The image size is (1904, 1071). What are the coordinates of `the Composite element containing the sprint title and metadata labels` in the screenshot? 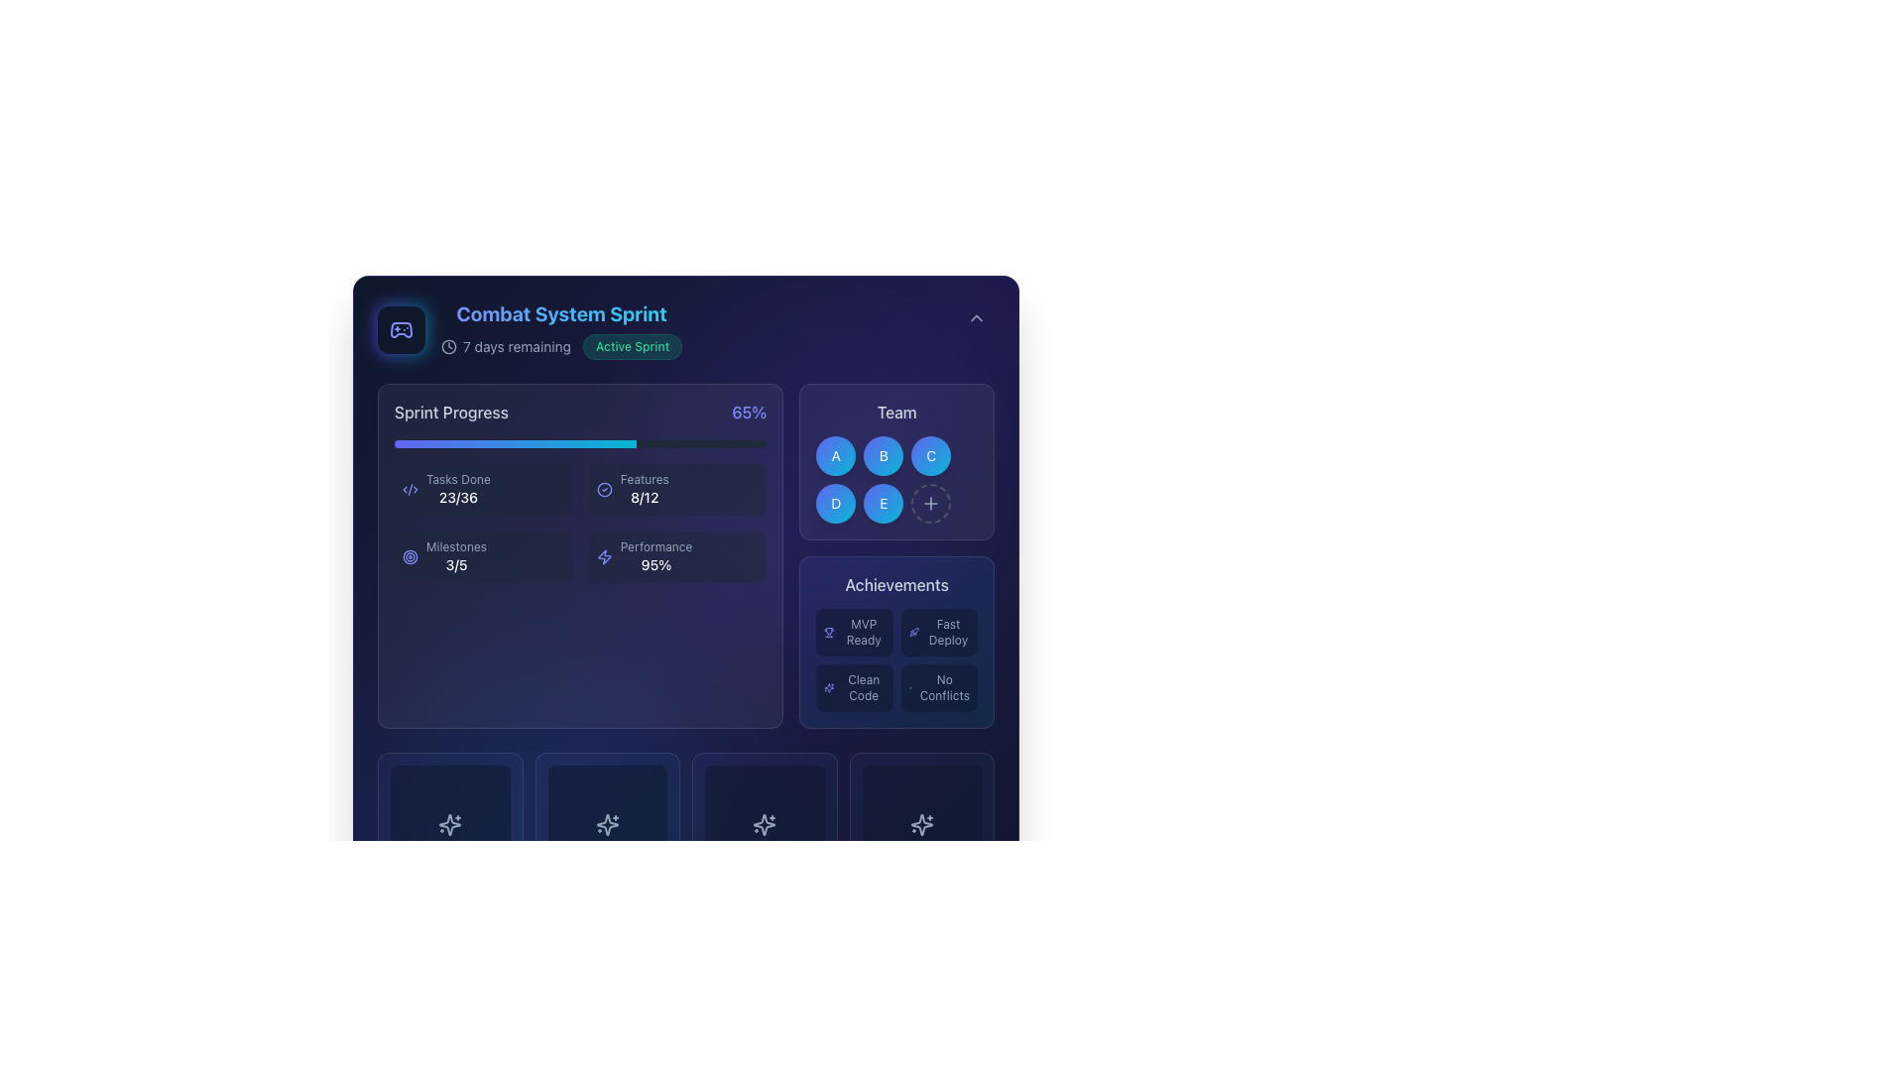 It's located at (560, 328).